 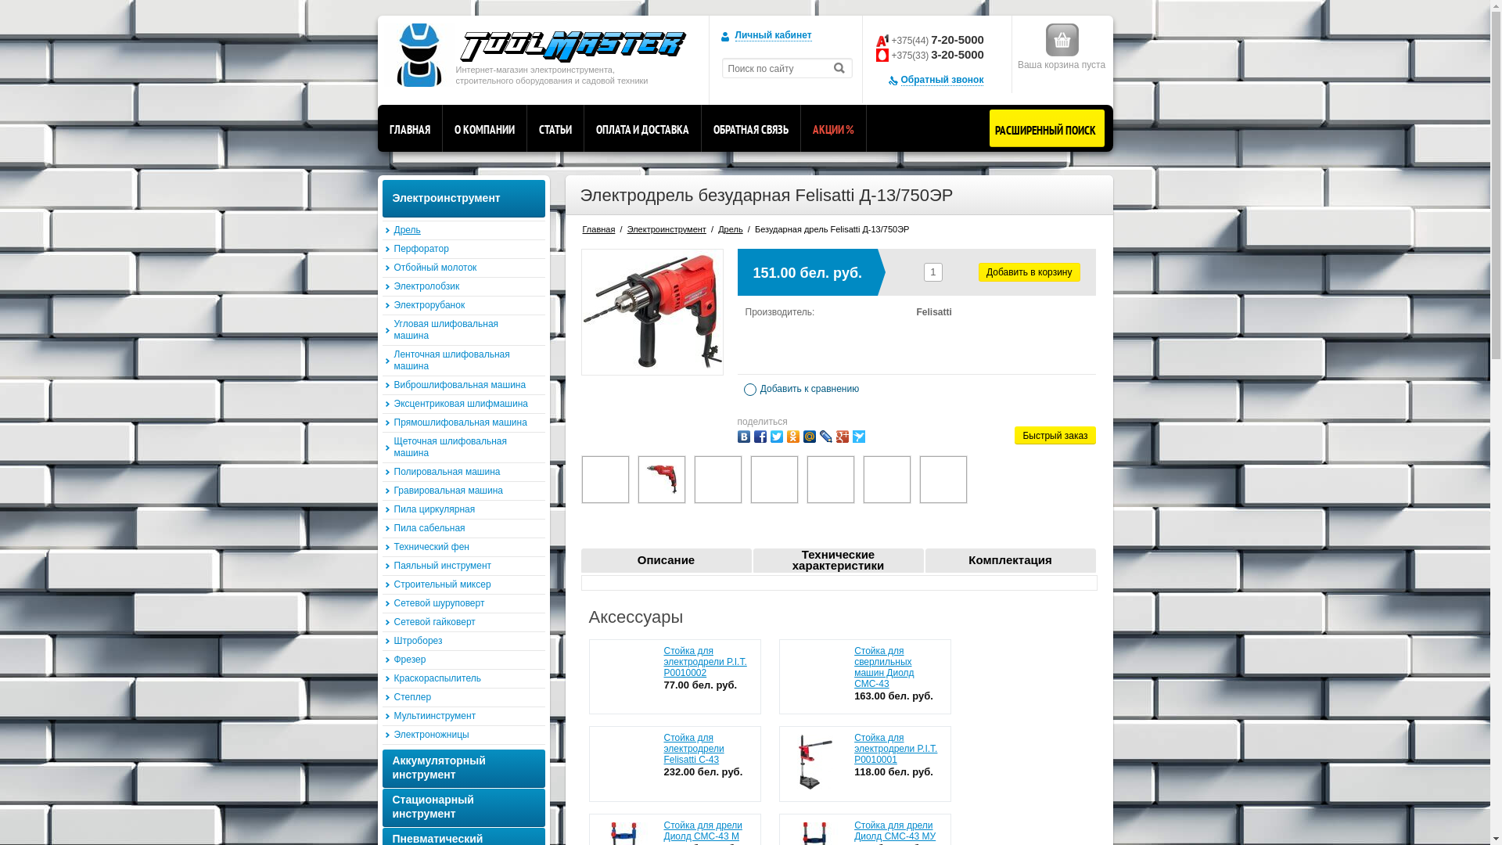 What do you see at coordinates (938, 53) in the screenshot?
I see `'+375(33)3-20-5000'` at bounding box center [938, 53].